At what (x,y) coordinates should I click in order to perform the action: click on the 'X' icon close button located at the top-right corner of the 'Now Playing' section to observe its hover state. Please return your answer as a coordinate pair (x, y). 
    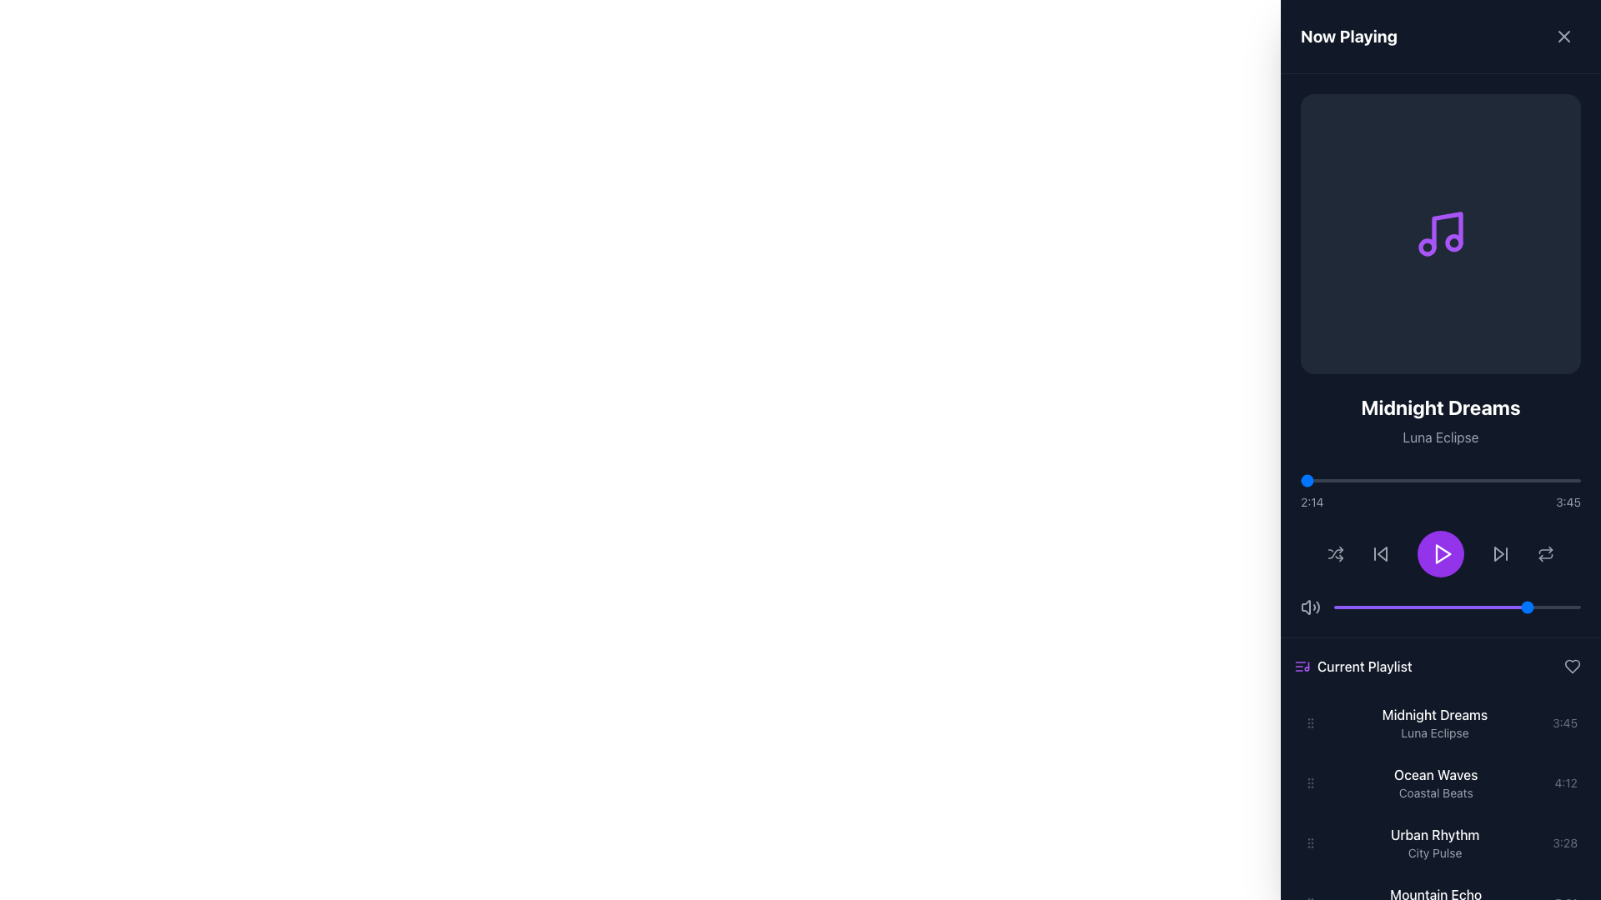
    Looking at the image, I should click on (1563, 36).